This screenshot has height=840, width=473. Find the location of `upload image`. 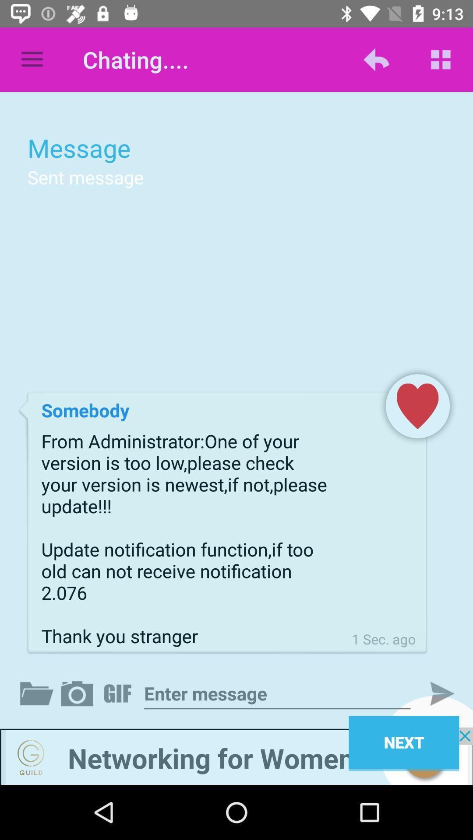

upload image is located at coordinates (79, 693).